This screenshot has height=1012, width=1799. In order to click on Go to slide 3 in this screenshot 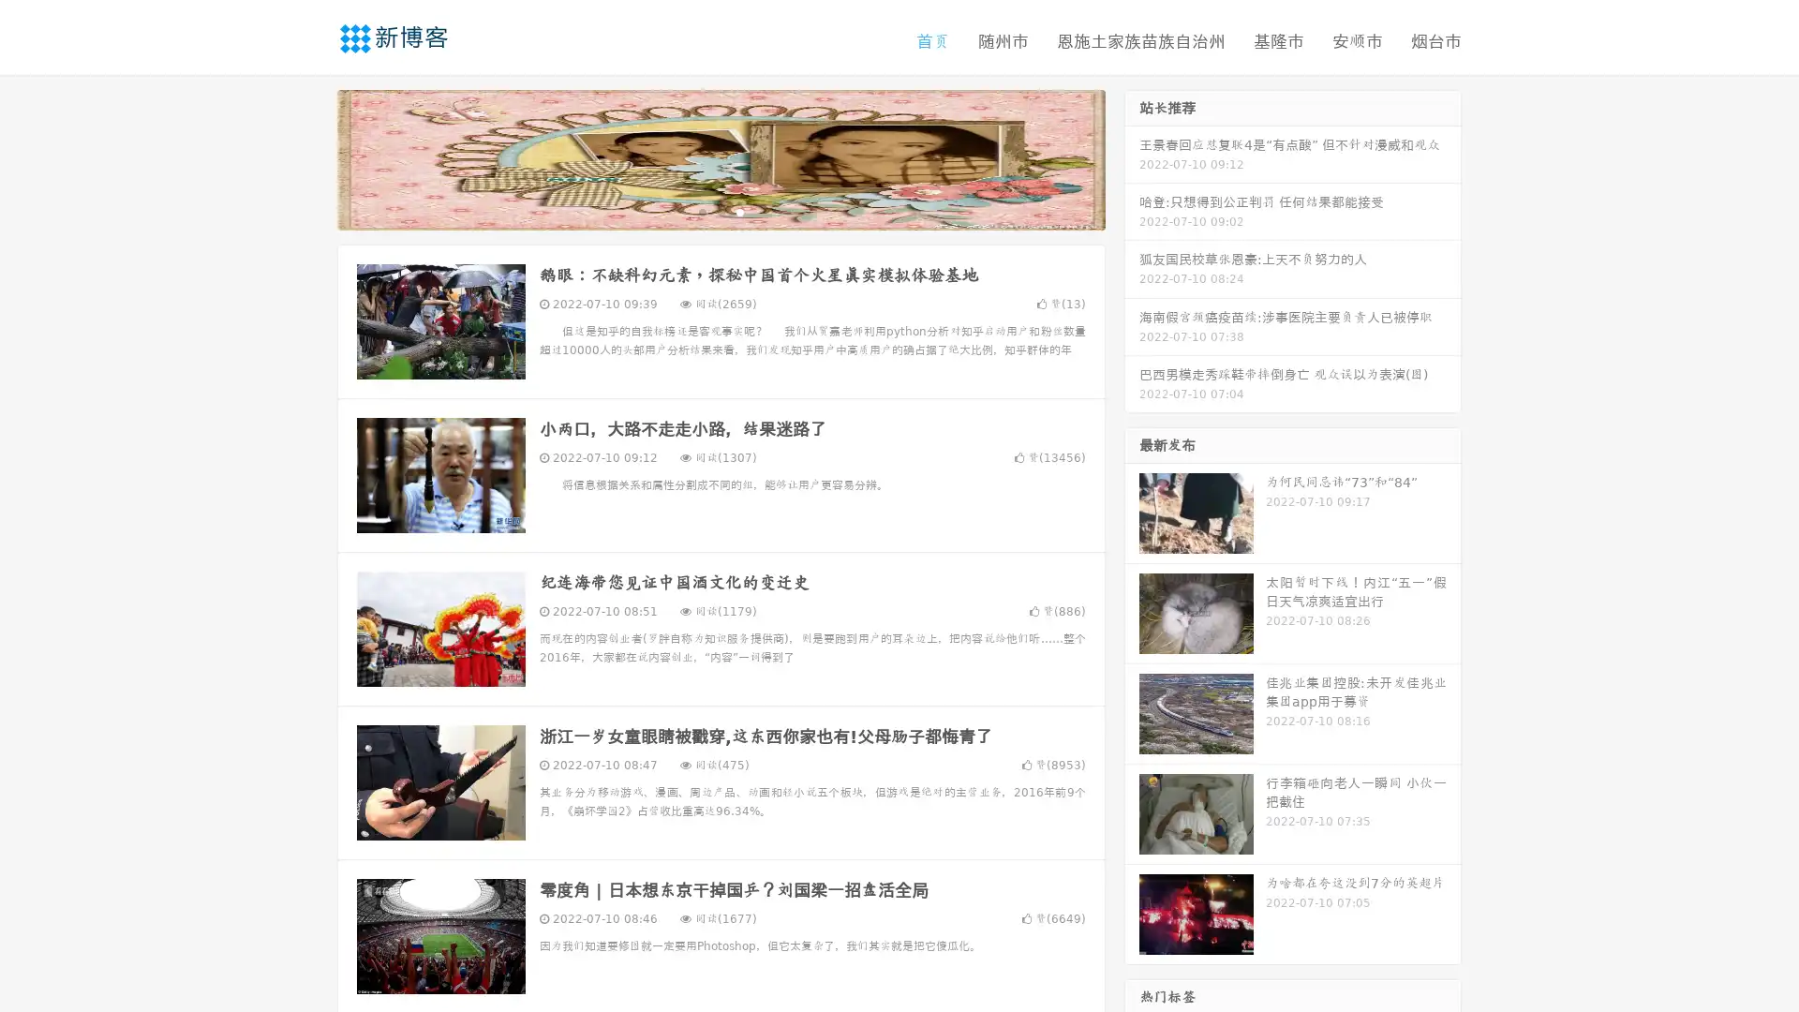, I will do `click(739, 211)`.